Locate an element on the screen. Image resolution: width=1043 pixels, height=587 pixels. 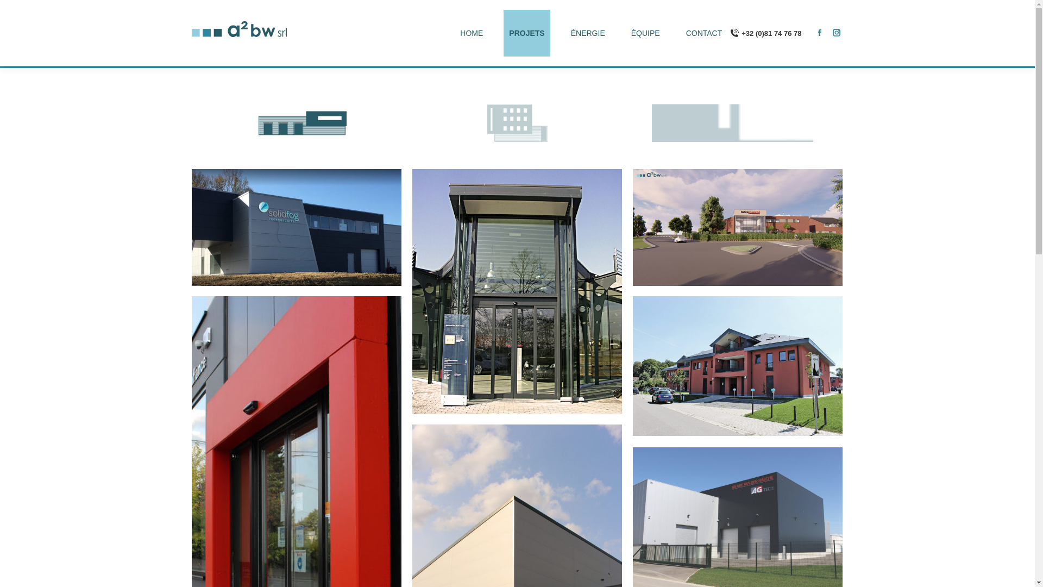
'PROJETS' is located at coordinates (526, 33).